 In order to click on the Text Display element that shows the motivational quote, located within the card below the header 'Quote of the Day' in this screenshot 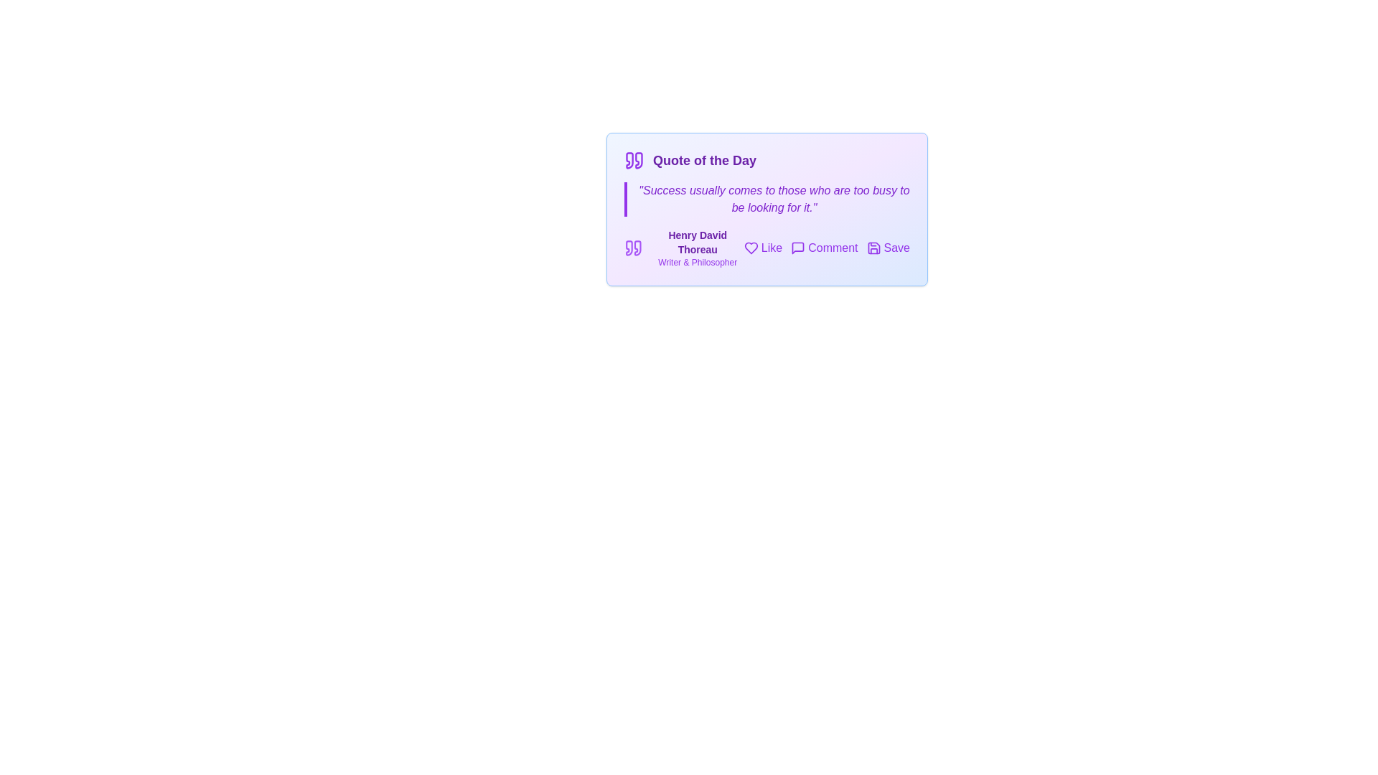, I will do `click(767, 199)`.